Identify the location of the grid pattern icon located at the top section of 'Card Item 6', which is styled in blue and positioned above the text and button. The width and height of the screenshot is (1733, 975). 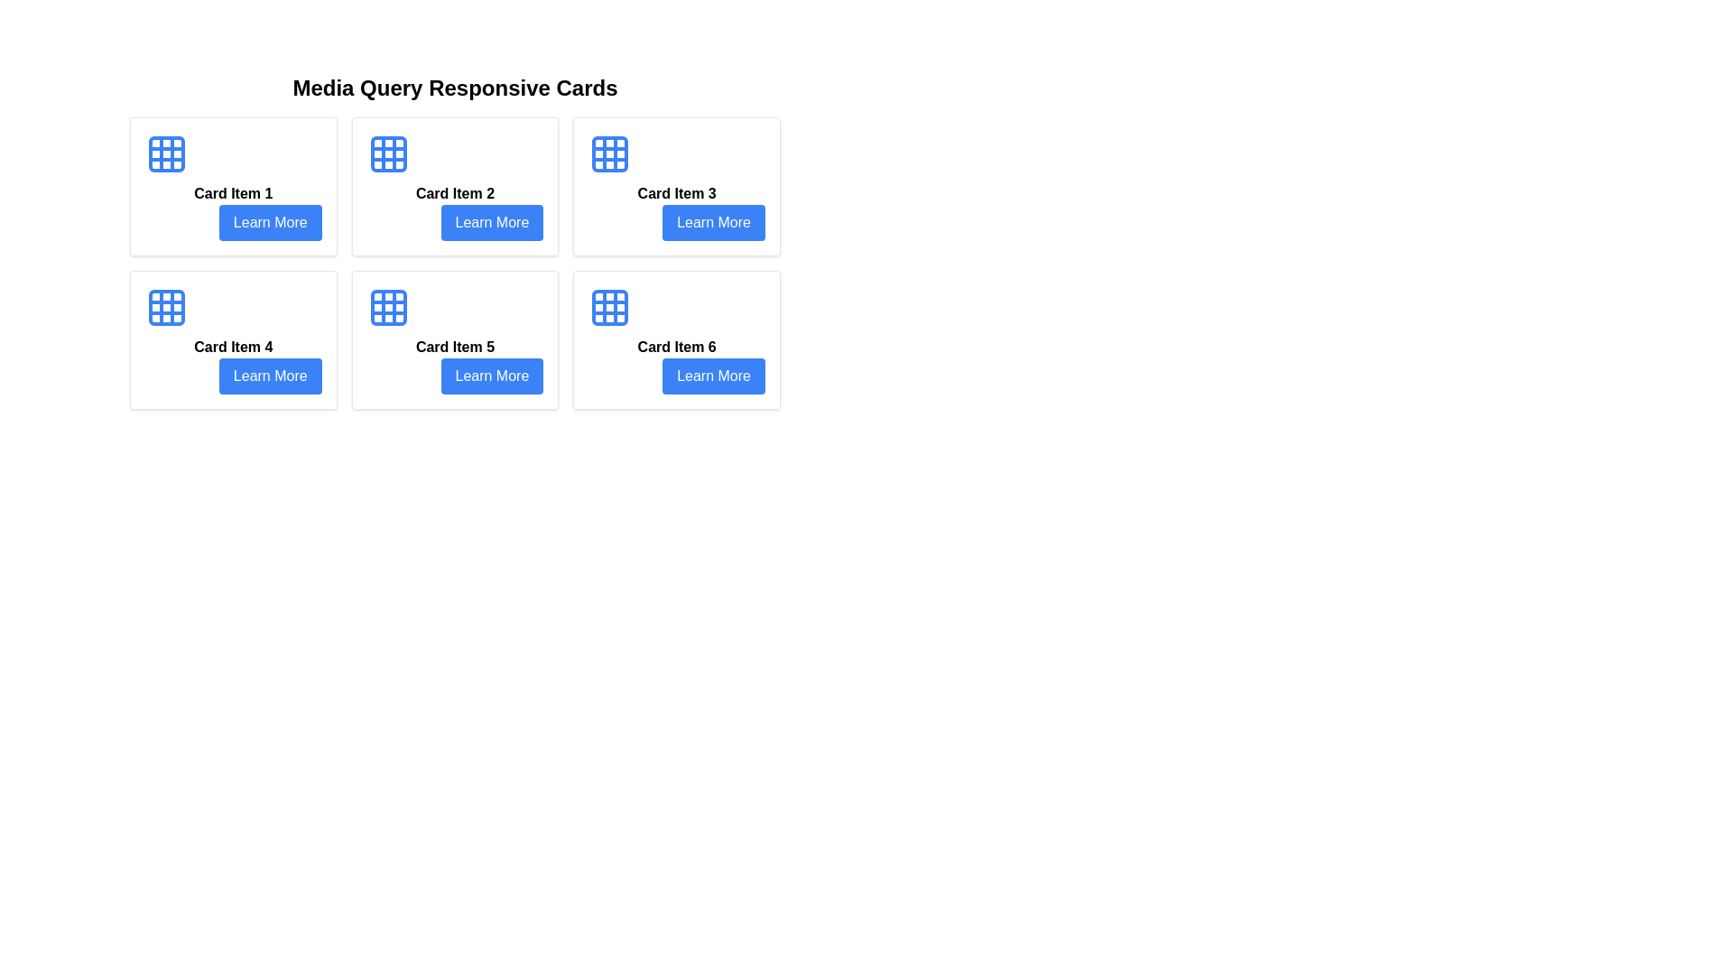
(610, 306).